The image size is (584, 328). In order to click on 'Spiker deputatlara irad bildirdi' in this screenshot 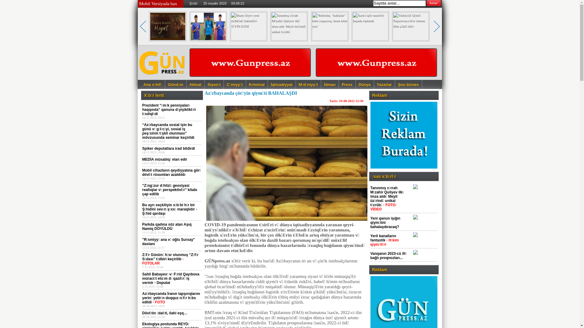, I will do `click(169, 149)`.